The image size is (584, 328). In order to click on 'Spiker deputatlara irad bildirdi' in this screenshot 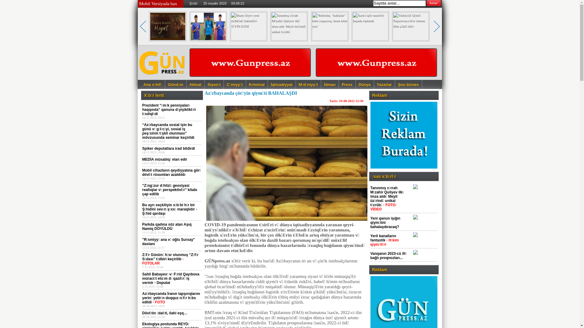, I will do `click(169, 149)`.